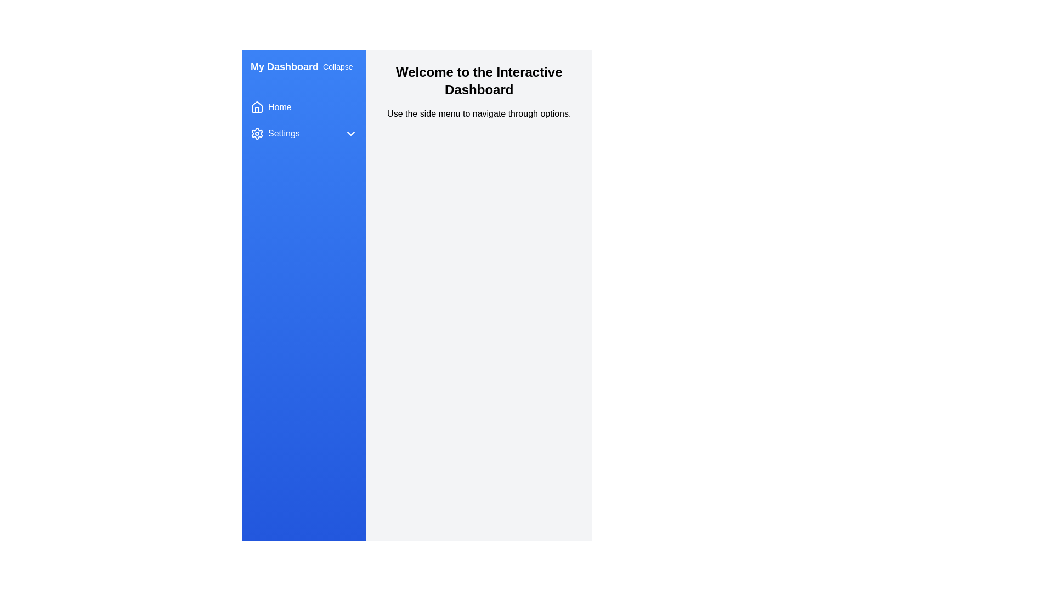 The height and width of the screenshot is (592, 1053). What do you see at coordinates (275, 133) in the screenshot?
I see `the Icon with text label located` at bounding box center [275, 133].